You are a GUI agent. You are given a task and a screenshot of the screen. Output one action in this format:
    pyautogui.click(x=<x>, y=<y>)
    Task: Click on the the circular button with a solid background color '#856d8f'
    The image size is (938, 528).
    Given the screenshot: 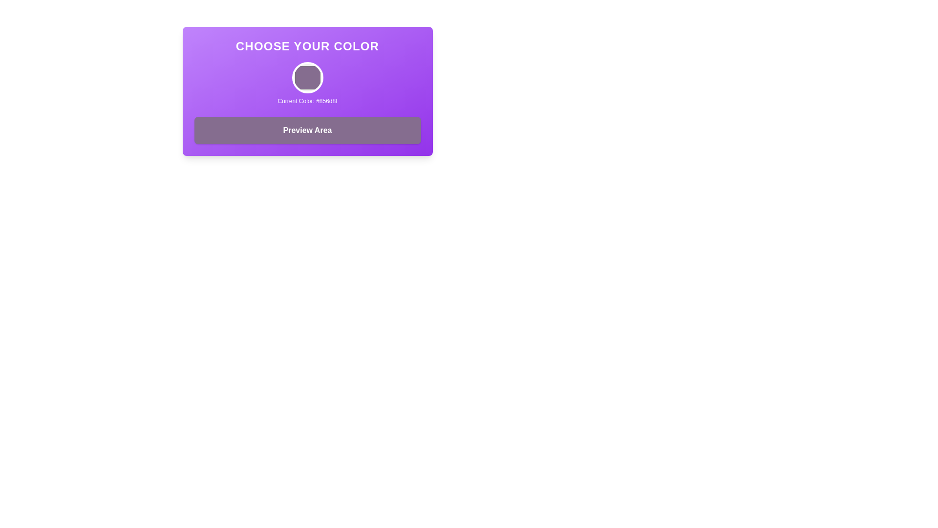 What is the action you would take?
    pyautogui.click(x=307, y=77)
    